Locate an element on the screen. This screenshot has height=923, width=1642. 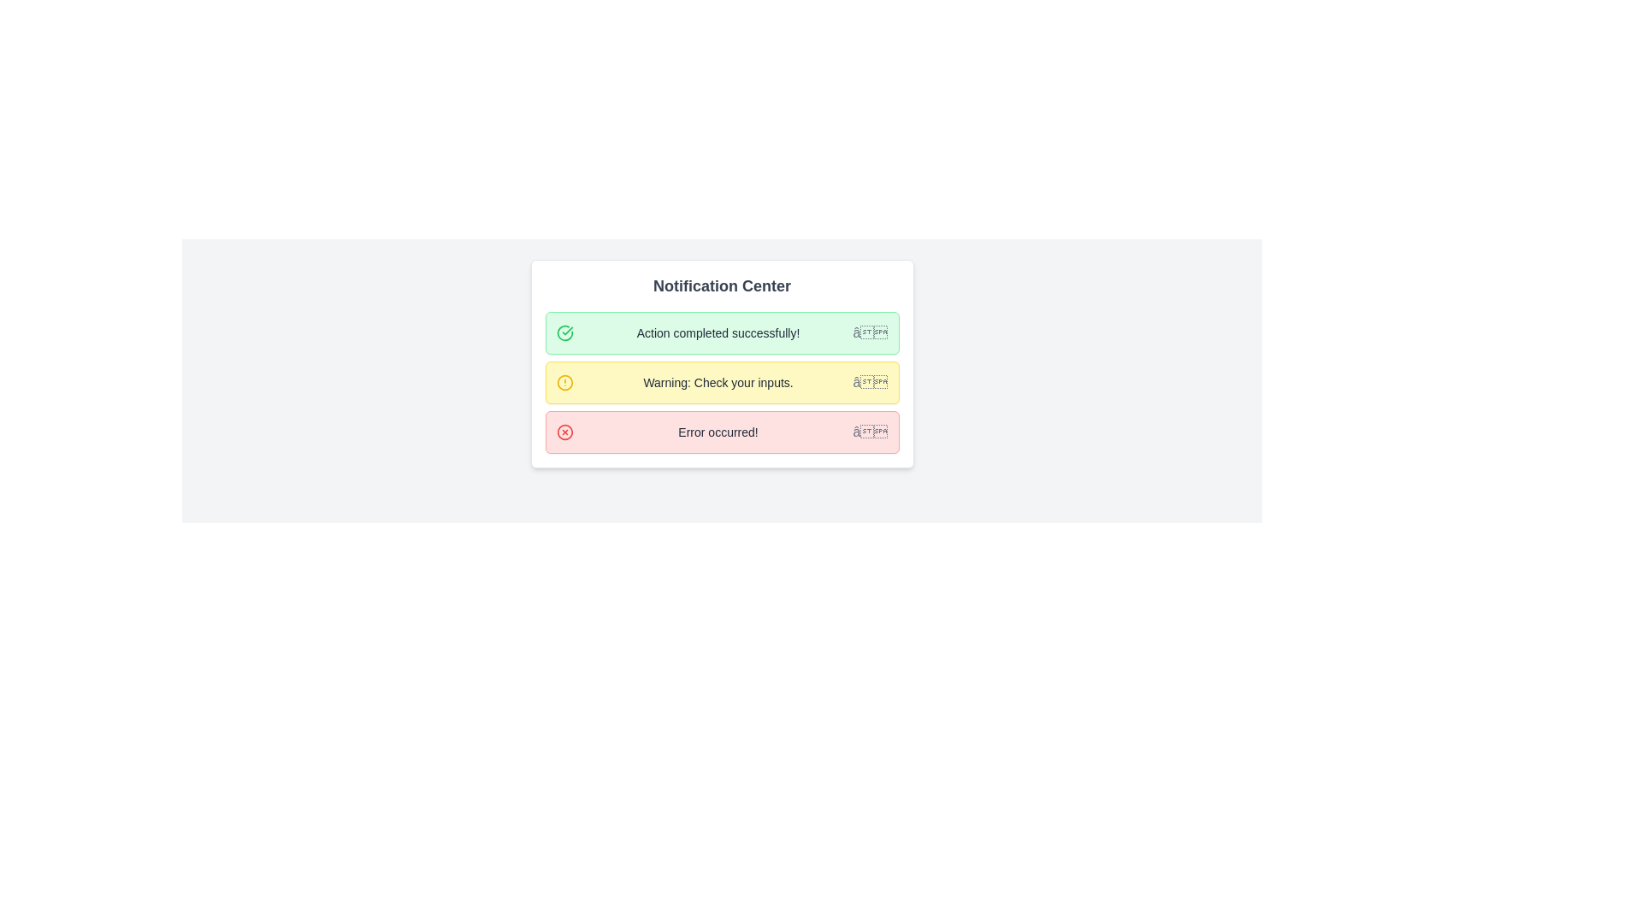
the text block displaying 'Error occurred!' in gray color, which is part of the third notification box in the 'Notification Center' is located at coordinates (718, 431).